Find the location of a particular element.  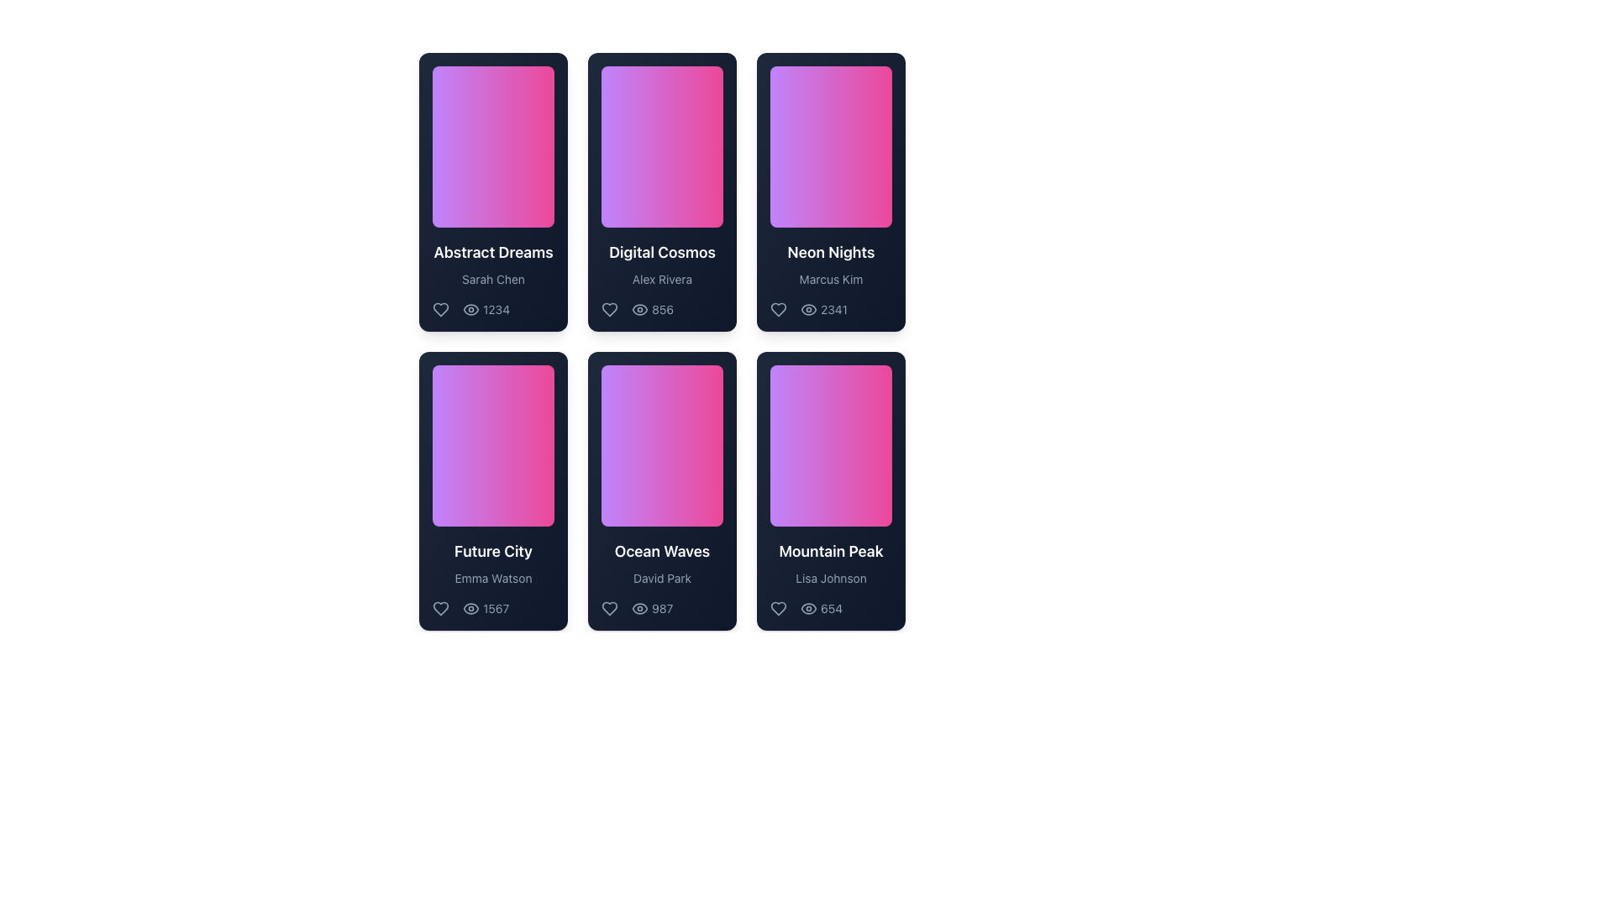

the eye icon with the numeric text '856' located in the second row of the 'Digital Cosmos' card, positioned in the central column of the grid layout is located at coordinates (652, 310).